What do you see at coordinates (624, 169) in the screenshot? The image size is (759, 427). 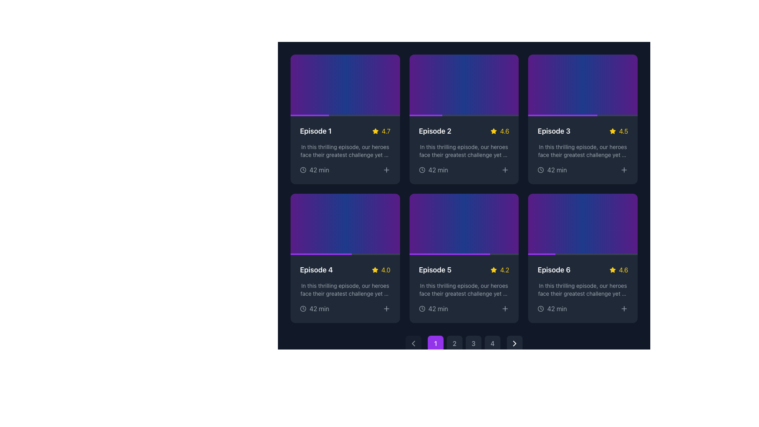 I see `the square button with a '+' icon in the bottom-right corner of the 'Episode 3' card to change its color from gray to purple` at bounding box center [624, 169].